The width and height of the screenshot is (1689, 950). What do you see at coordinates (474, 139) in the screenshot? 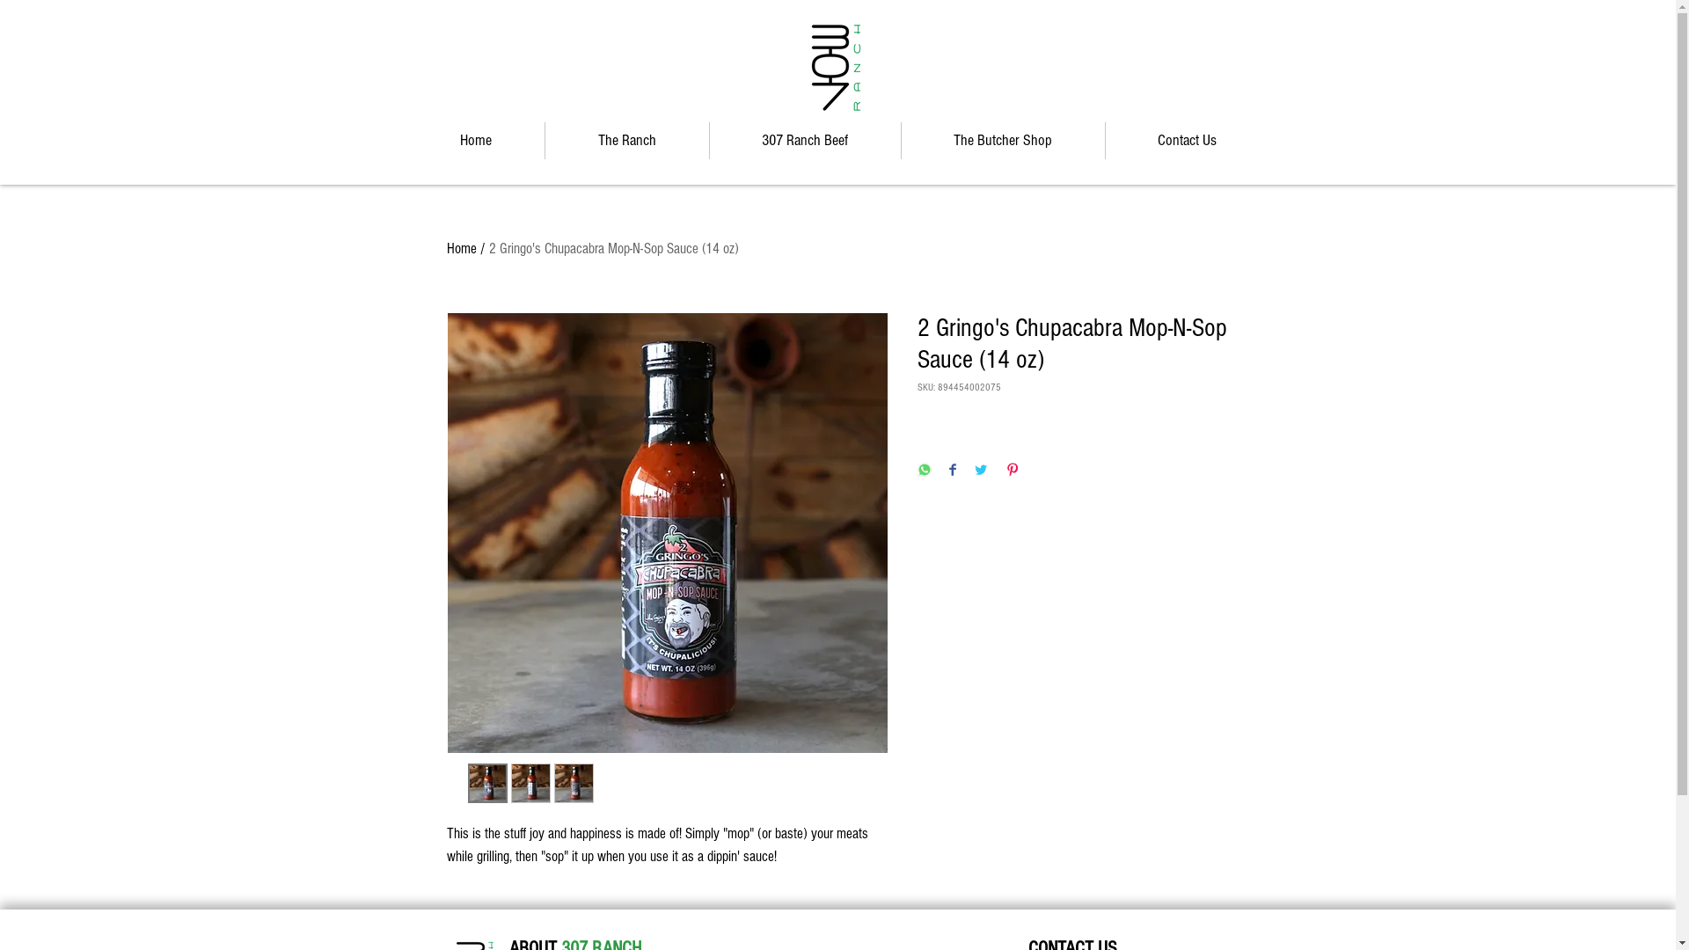
I see `'Home'` at bounding box center [474, 139].